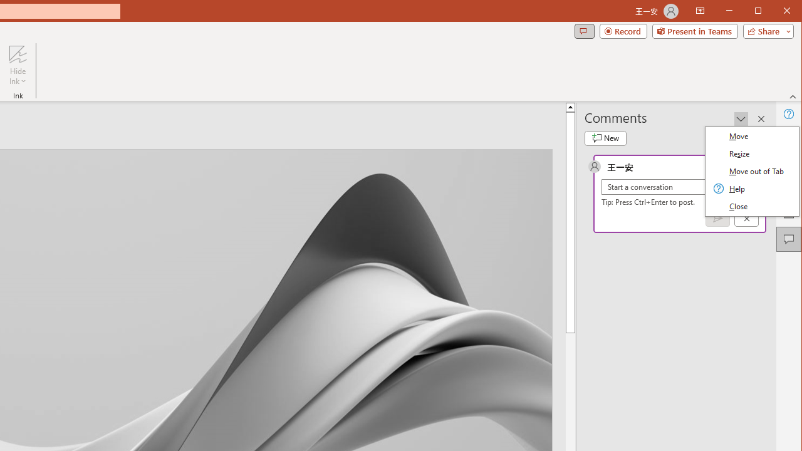 The image size is (802, 451). I want to click on 'Minimize', so click(761, 12).